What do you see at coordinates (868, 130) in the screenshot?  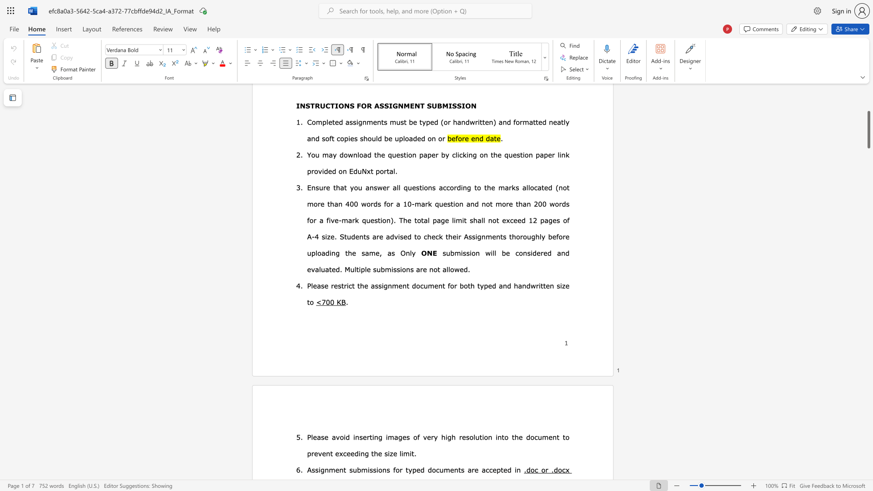 I see `the scrollbar and move up 270 pixels` at bounding box center [868, 130].